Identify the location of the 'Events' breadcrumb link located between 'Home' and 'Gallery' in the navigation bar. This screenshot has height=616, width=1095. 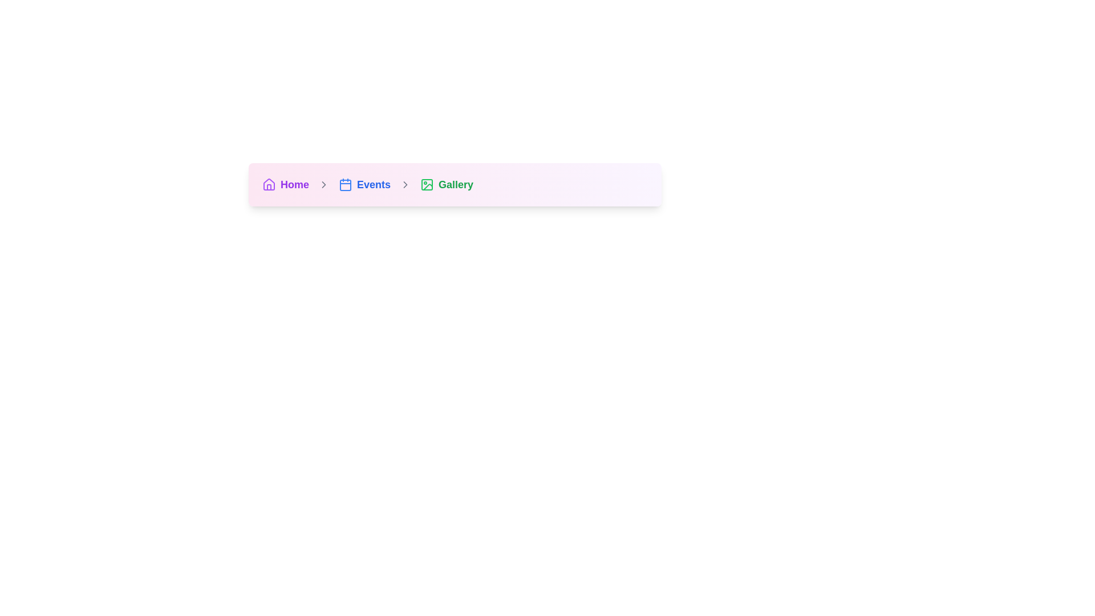
(364, 184).